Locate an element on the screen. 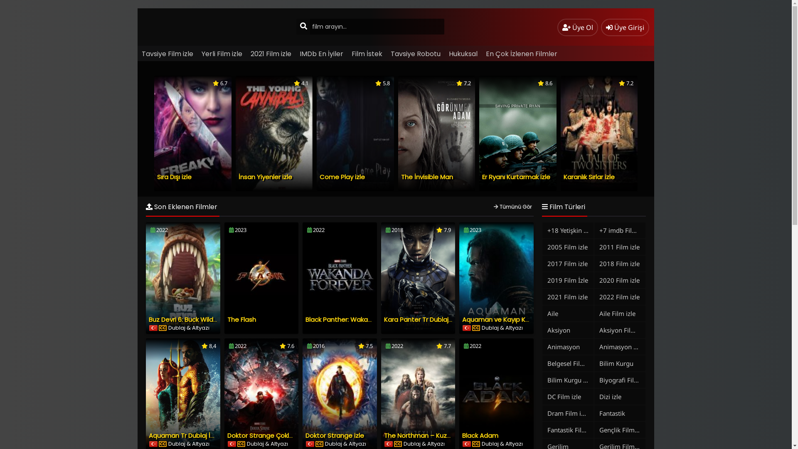 This screenshot has width=798, height=449. '2005 Film izle' is located at coordinates (567, 247).